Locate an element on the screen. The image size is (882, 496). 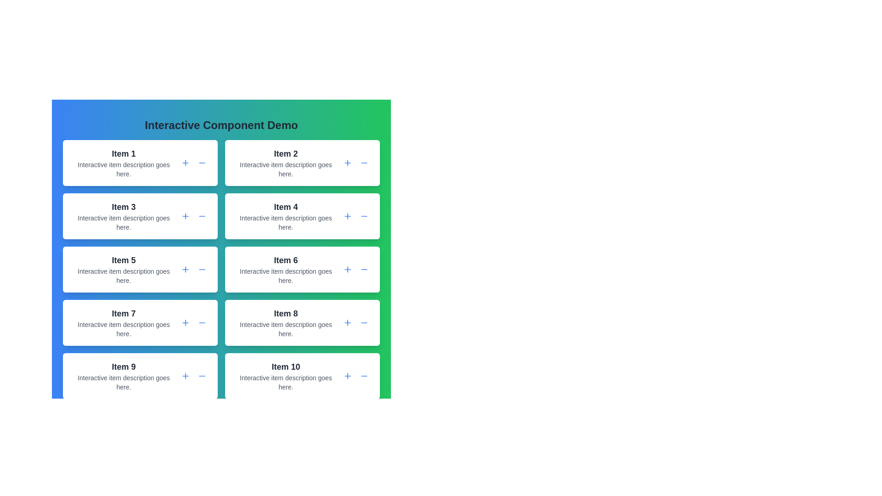
the leftmost button for the 'Item 7' context is located at coordinates (185, 322).